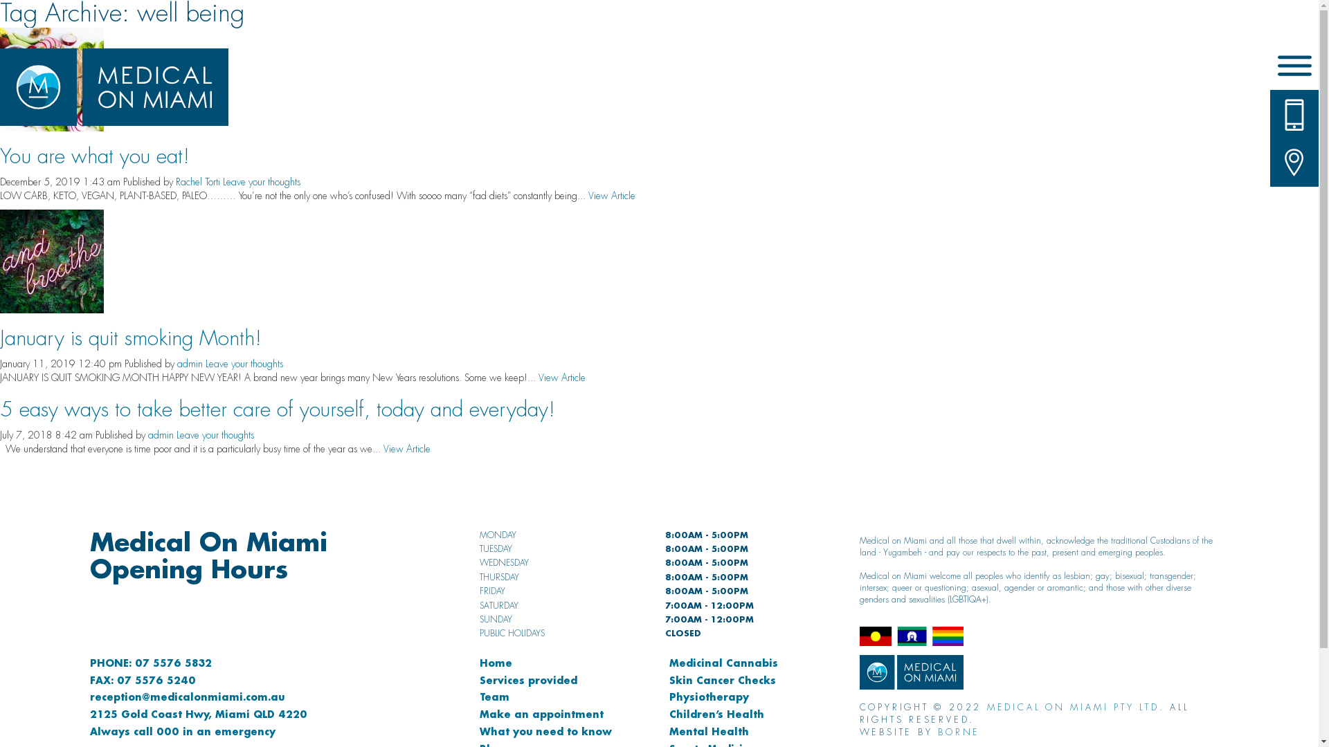 This screenshot has height=747, width=1329. I want to click on 'Mental Health', so click(709, 730).